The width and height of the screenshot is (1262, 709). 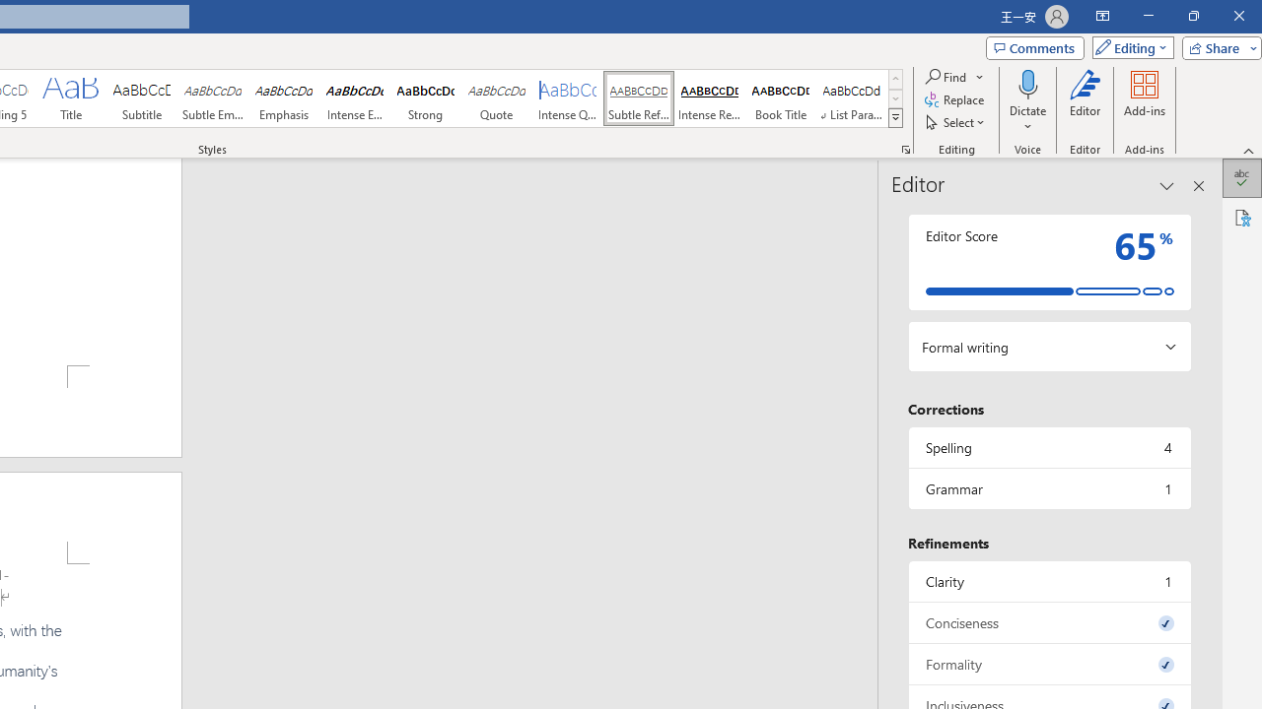 I want to click on 'Intense Quote', so click(x=567, y=98).